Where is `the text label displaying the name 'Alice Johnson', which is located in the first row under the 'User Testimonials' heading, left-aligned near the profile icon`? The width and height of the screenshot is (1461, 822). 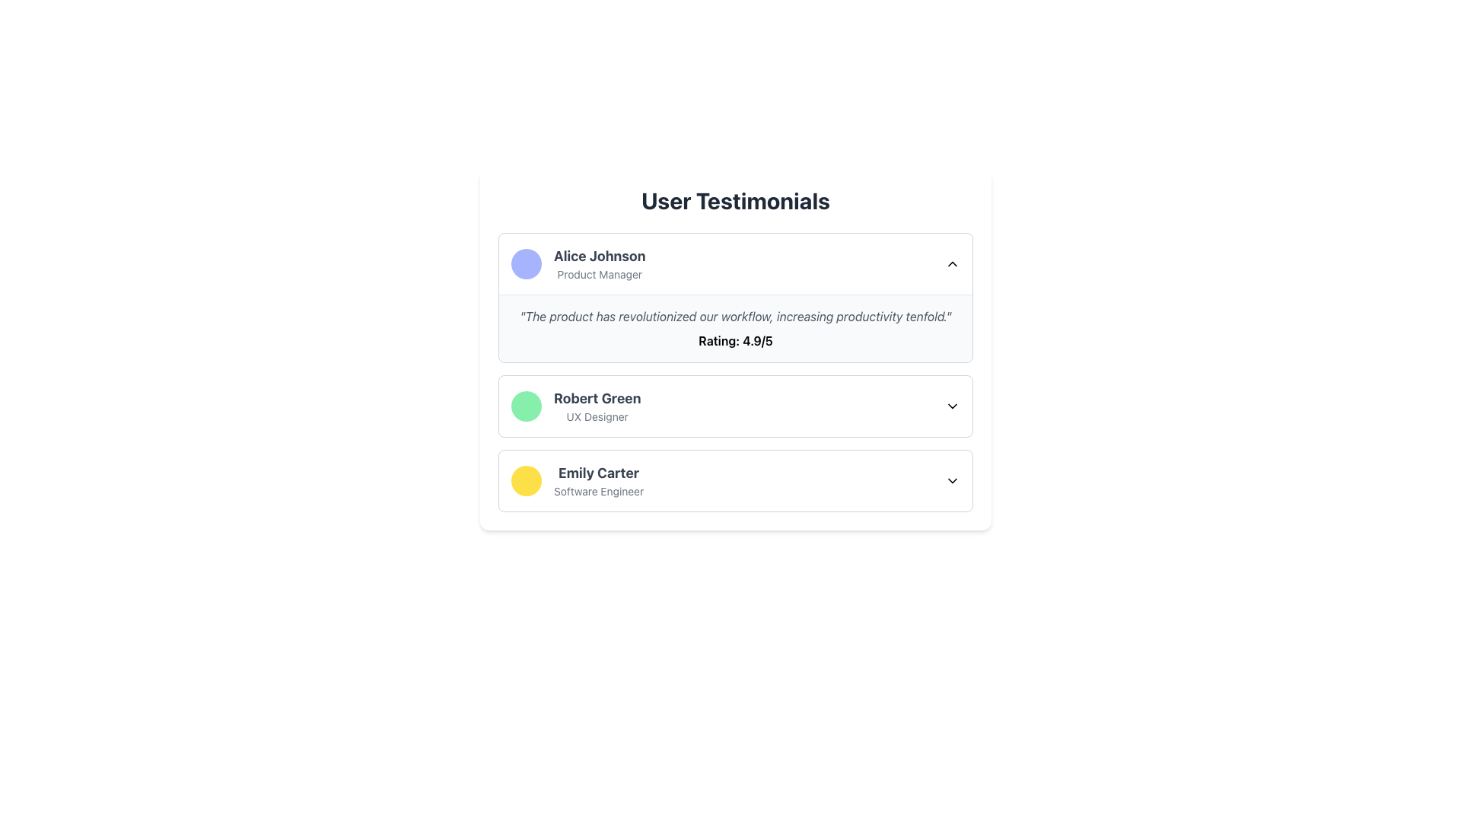
the text label displaying the name 'Alice Johnson', which is located in the first row under the 'User Testimonials' heading, left-aligned near the profile icon is located at coordinates (599, 255).